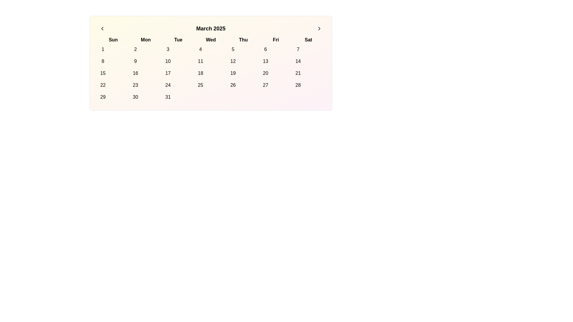  I want to click on the bold-text weekday label reading 'Wed', which is the fourth label in a row of seven weekday labels above the calendar grid, so click(211, 40).